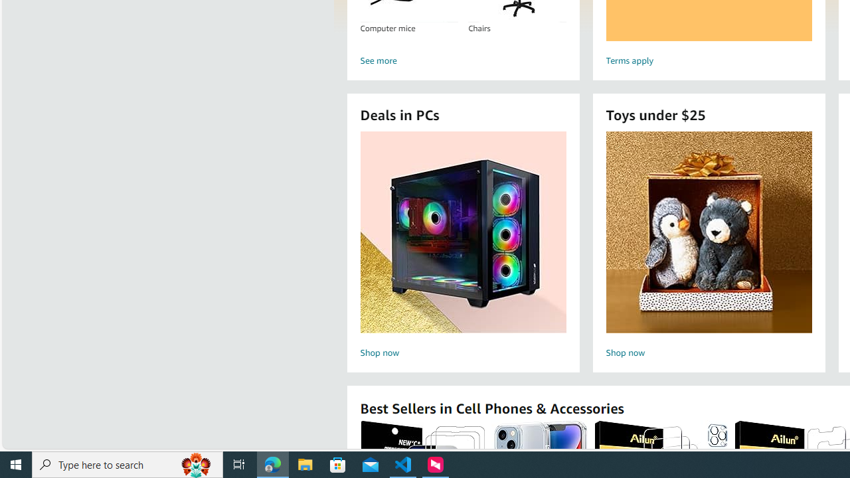  What do you see at coordinates (463, 231) in the screenshot?
I see `'Deals in PCs'` at bounding box center [463, 231].